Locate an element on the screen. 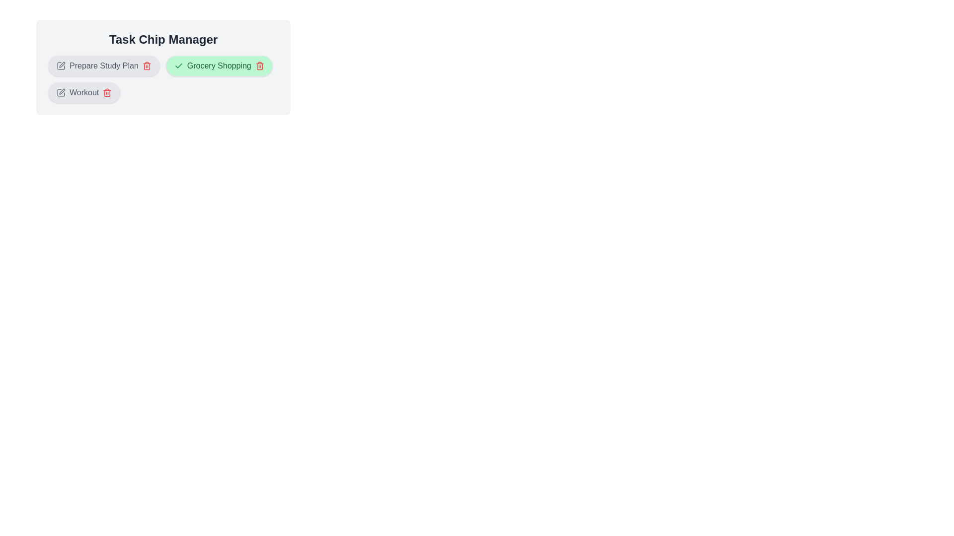  the icon that indicates the 'Grocery Shopping' task is marked as completed or active, located at the leftmost part of the 'Grocery Shopping' chip is located at coordinates (178, 66).